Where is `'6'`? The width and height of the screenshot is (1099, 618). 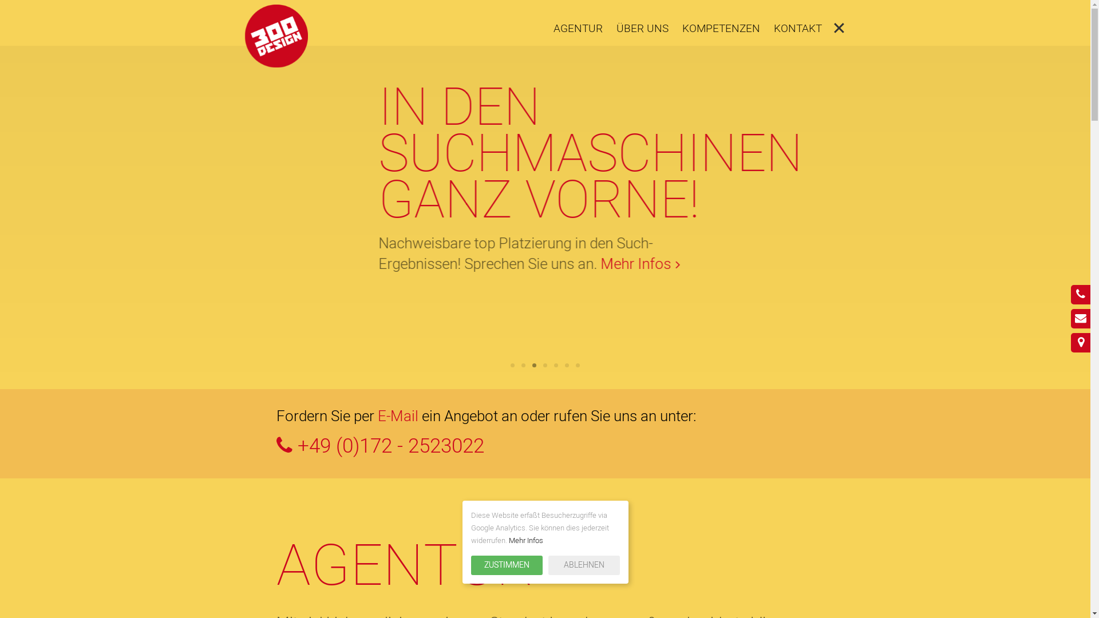 '6' is located at coordinates (565, 365).